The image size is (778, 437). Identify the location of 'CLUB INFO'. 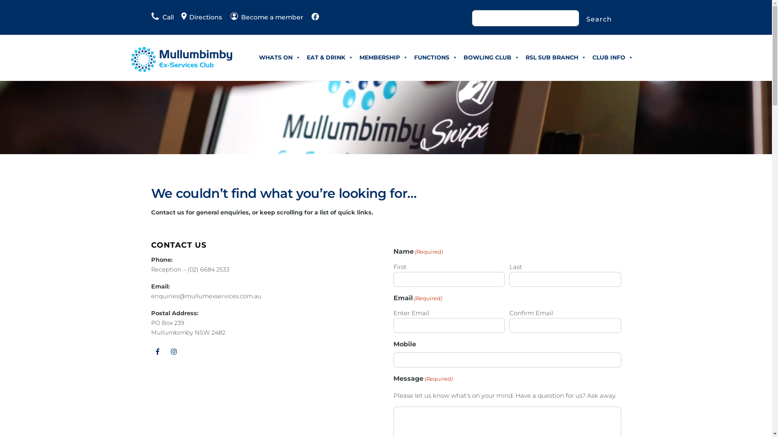
(612, 57).